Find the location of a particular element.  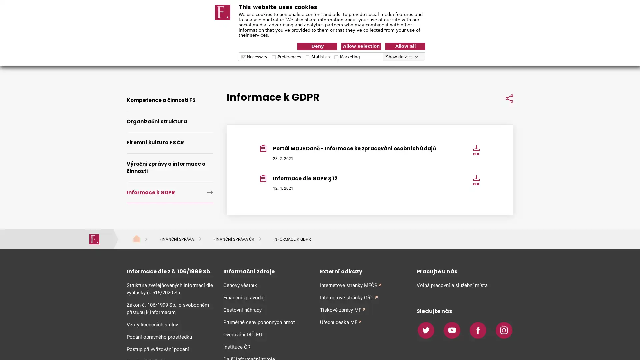

Informace dle z c. 106/1999 Sb. is located at coordinates (170, 271).